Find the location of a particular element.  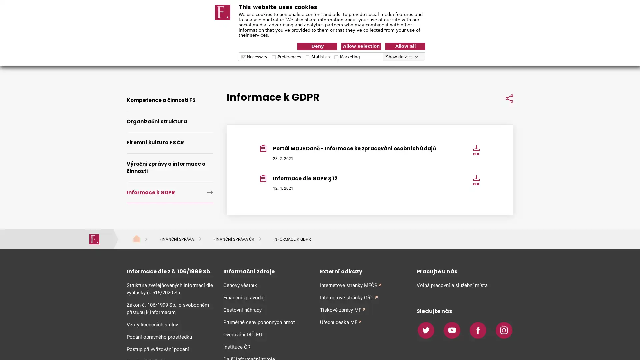

Informace dle z c. 106/1999 Sb. is located at coordinates (170, 271).